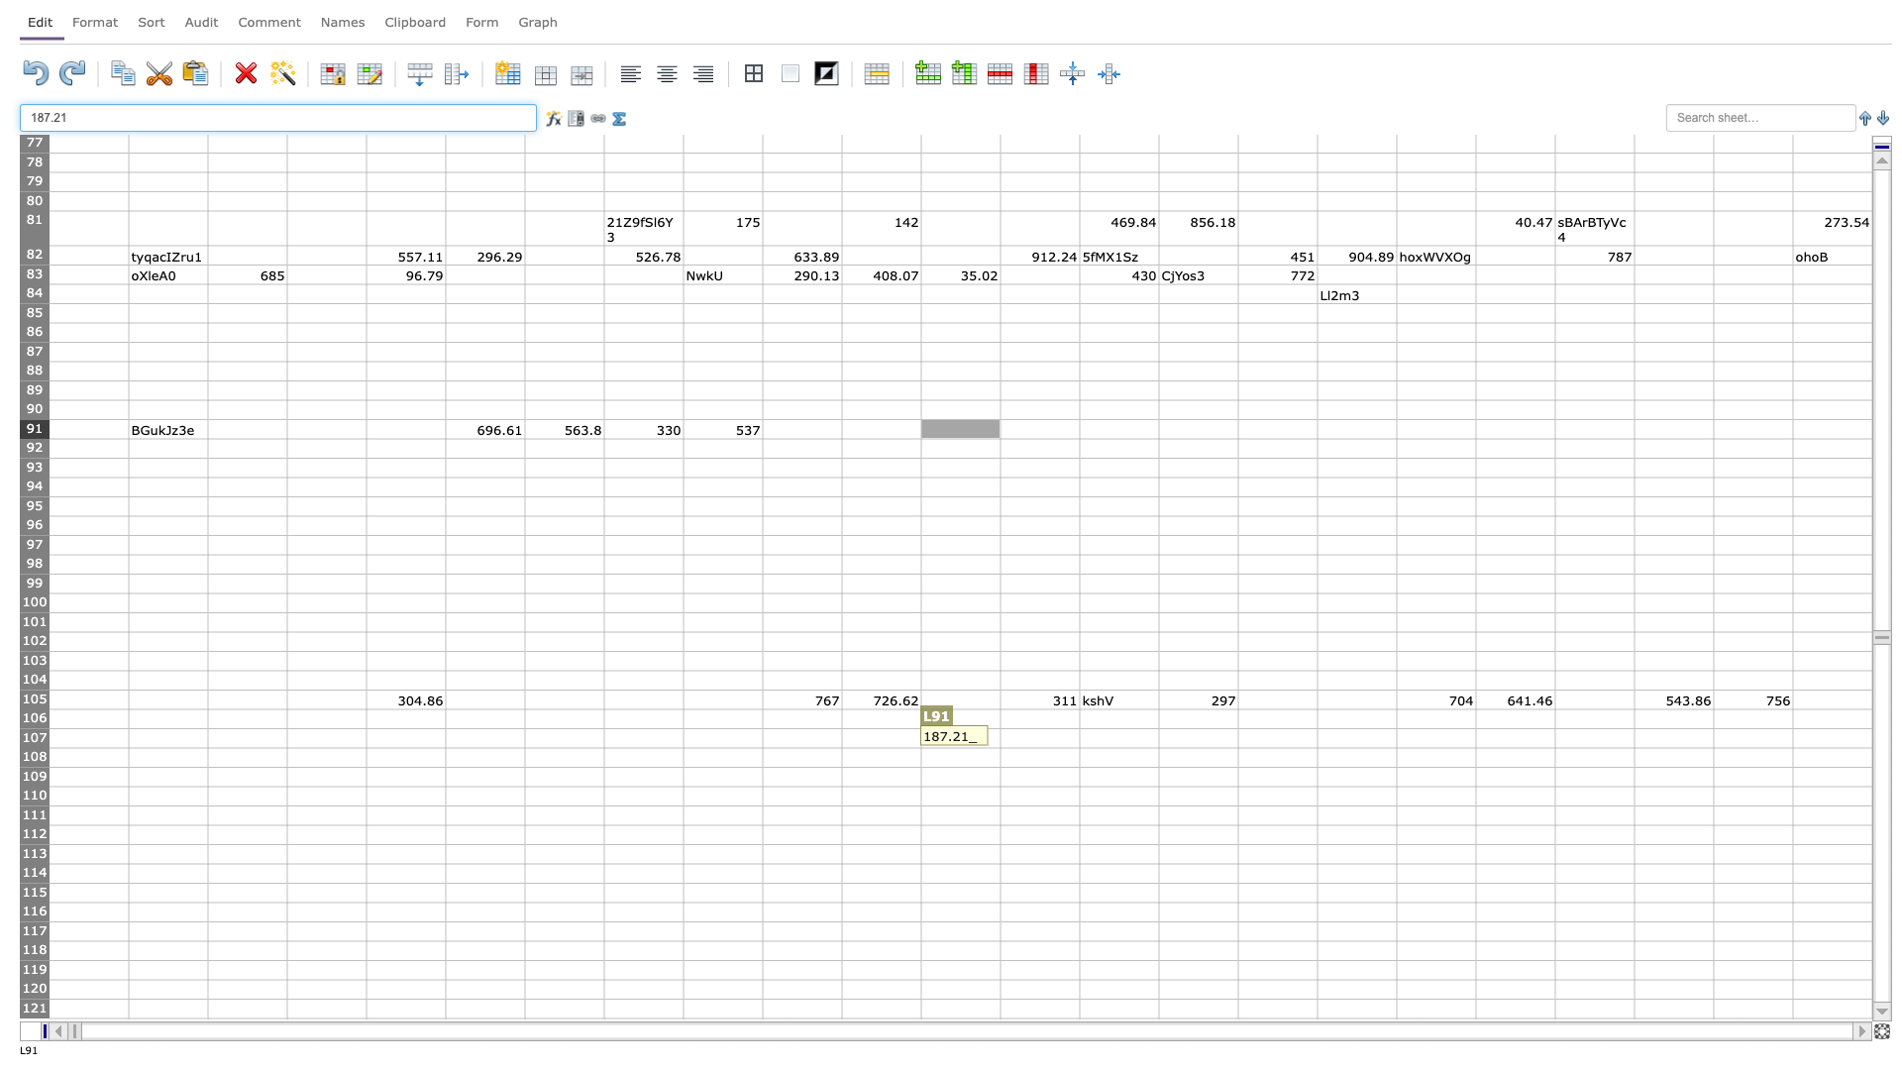 This screenshot has width=1902, height=1070. I want to click on right edge of O107, so click(1236, 738).